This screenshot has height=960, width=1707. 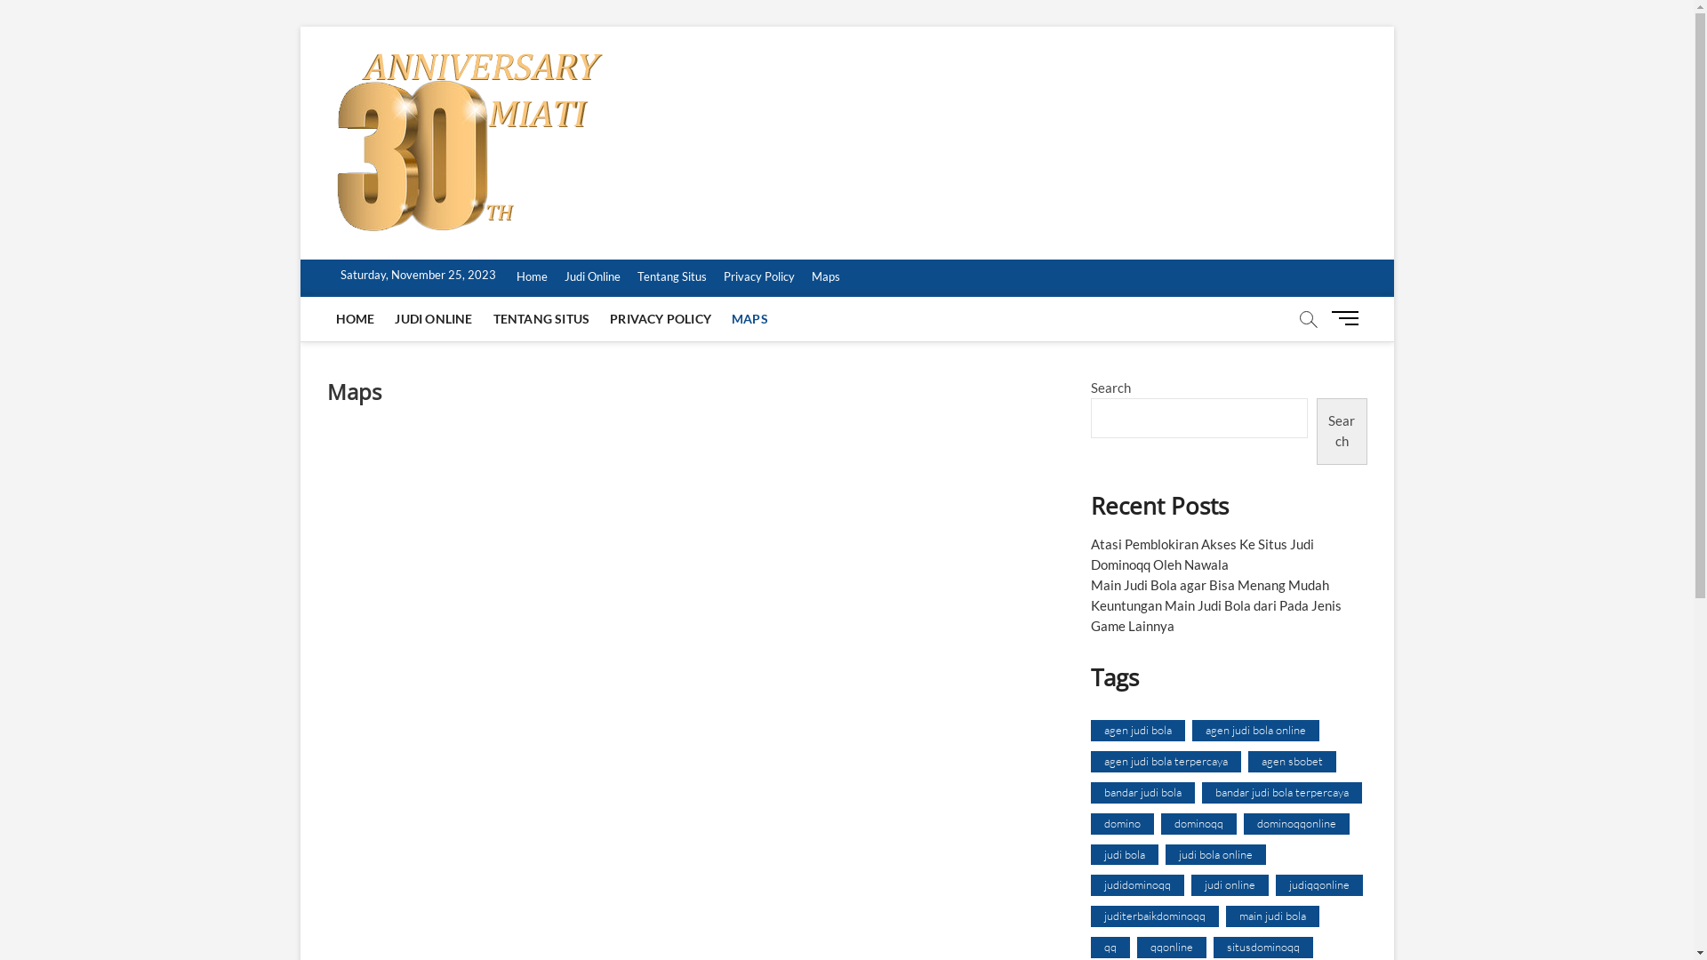 What do you see at coordinates (1165, 760) in the screenshot?
I see `'agen judi bola terpercaya'` at bounding box center [1165, 760].